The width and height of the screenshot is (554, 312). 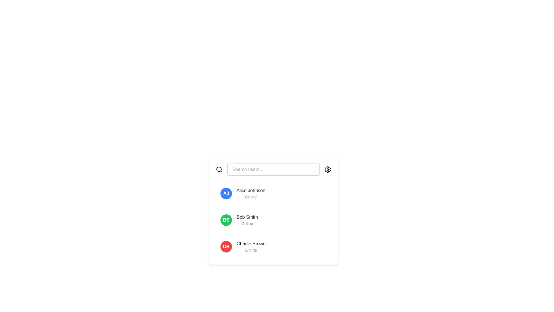 I want to click on the 'Online' text label, which is styled in light gray color and located below 'Bob Smith' in the user card, so click(x=247, y=223).